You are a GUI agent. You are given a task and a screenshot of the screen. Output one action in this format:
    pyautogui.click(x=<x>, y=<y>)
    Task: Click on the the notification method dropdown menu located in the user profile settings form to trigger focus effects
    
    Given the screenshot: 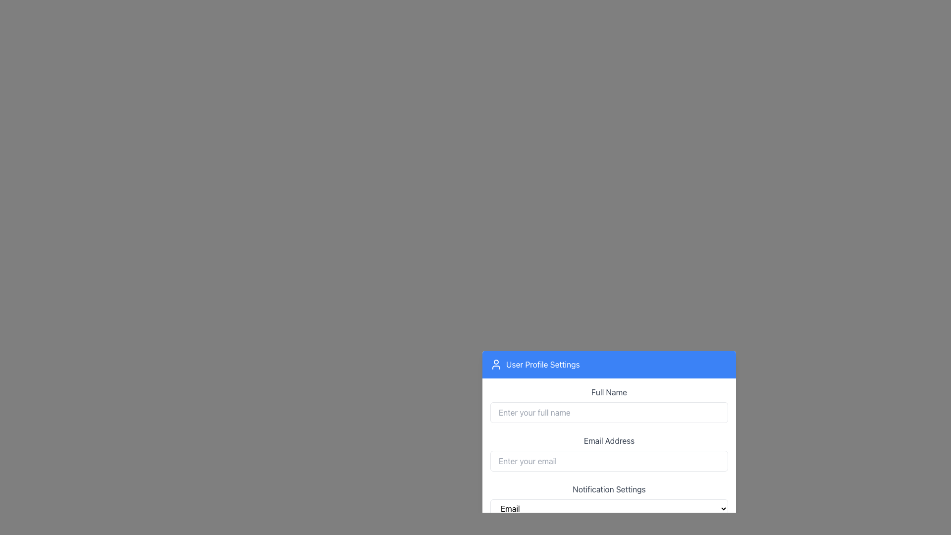 What is the action you would take?
    pyautogui.click(x=608, y=500)
    